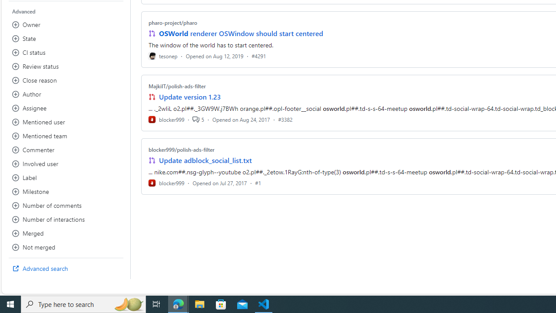  Describe the element at coordinates (241, 33) in the screenshot. I see `'OSWorld renderer OSWindow should start centered'` at that location.